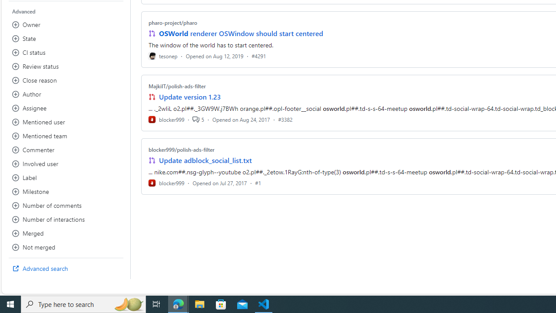  Describe the element at coordinates (241, 33) in the screenshot. I see `'OSWorld renderer OSWindow should start centered'` at that location.